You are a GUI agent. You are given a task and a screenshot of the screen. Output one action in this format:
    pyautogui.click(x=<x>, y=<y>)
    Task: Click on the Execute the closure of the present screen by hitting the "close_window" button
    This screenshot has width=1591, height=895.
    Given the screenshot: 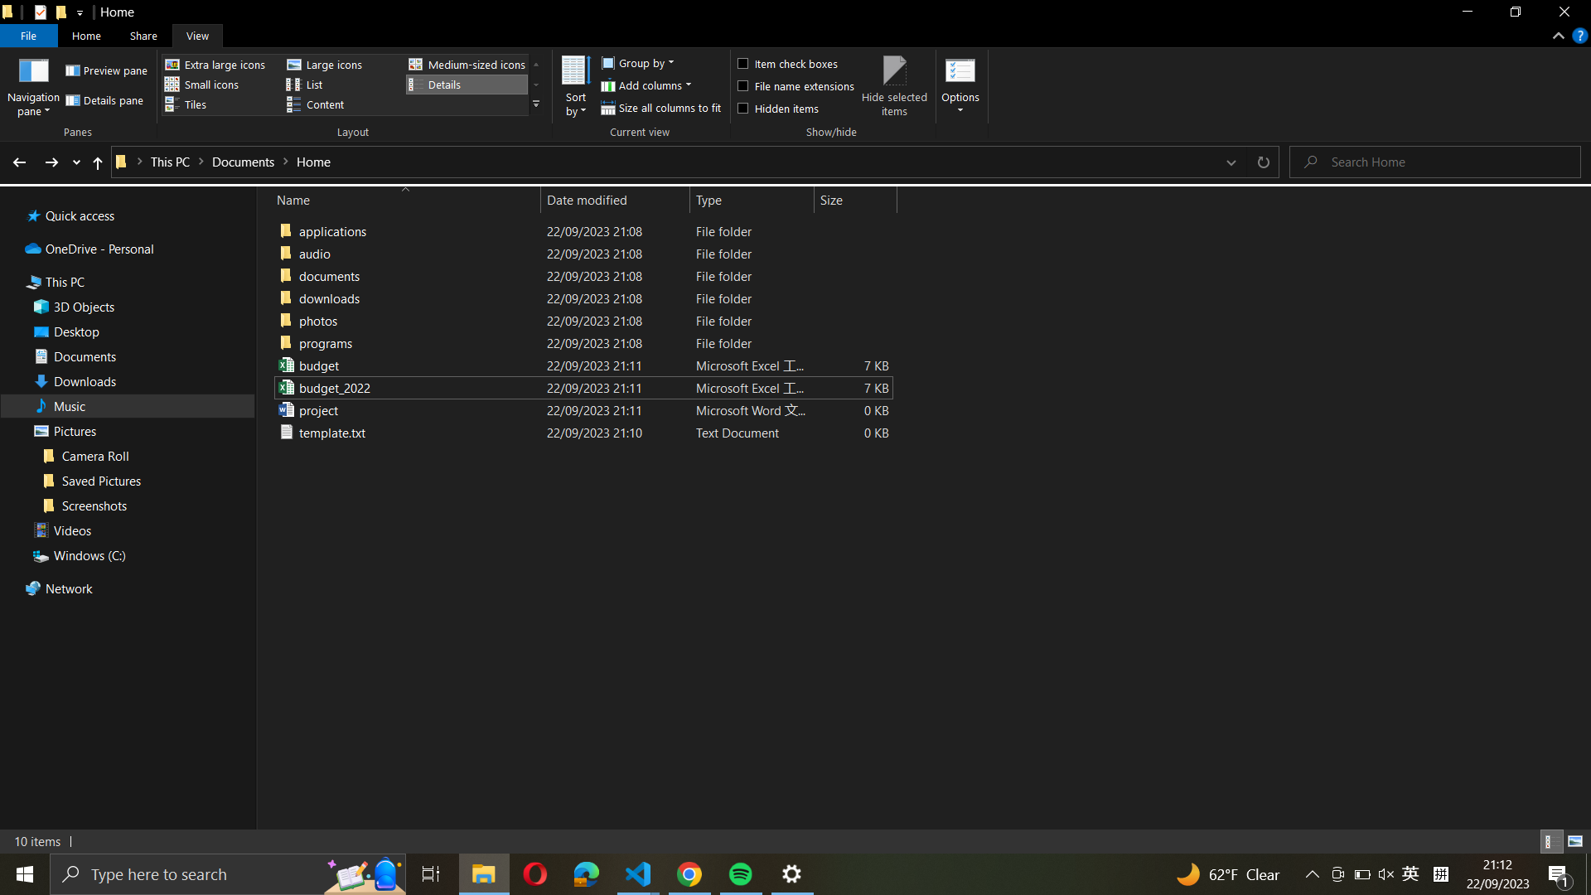 What is the action you would take?
    pyautogui.click(x=1563, y=14)
    